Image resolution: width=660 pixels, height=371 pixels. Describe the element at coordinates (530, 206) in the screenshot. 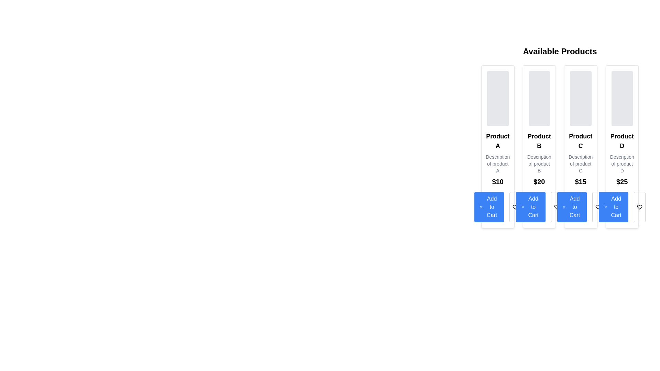

I see `the 'Add to Cart' button, which is a rectangular button with rounded corners and a blue background, displaying the text 'Add to Cart' in bold white font, located below 'Product B'` at that location.